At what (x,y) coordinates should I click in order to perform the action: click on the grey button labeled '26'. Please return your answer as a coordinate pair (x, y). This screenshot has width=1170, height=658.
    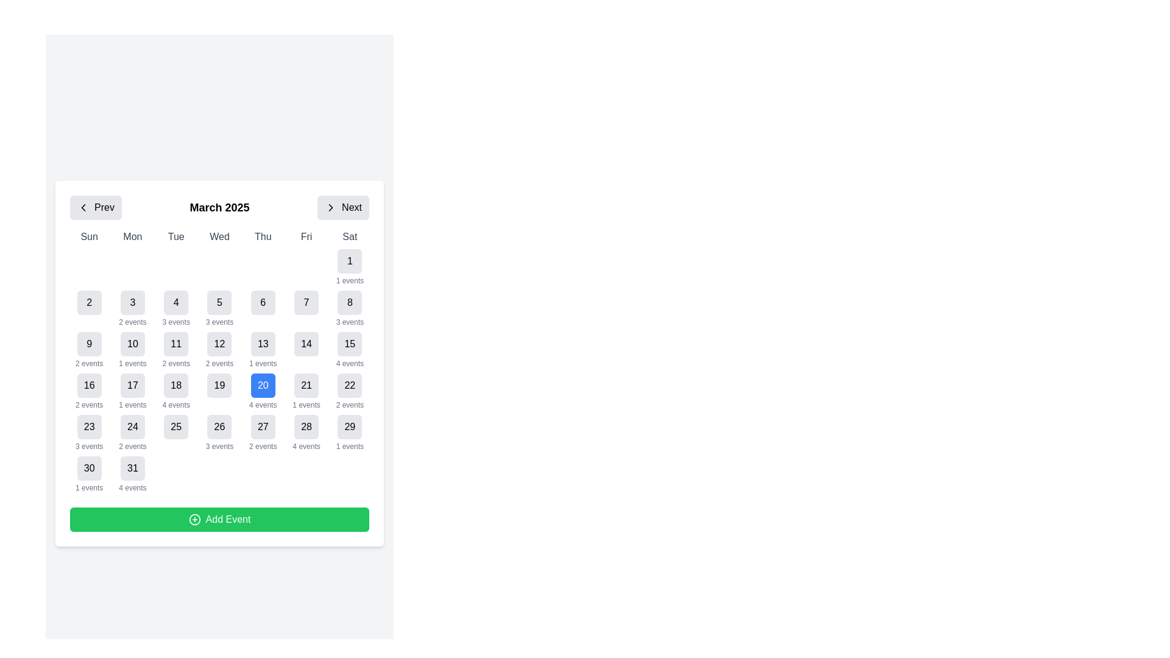
    Looking at the image, I should click on (219, 426).